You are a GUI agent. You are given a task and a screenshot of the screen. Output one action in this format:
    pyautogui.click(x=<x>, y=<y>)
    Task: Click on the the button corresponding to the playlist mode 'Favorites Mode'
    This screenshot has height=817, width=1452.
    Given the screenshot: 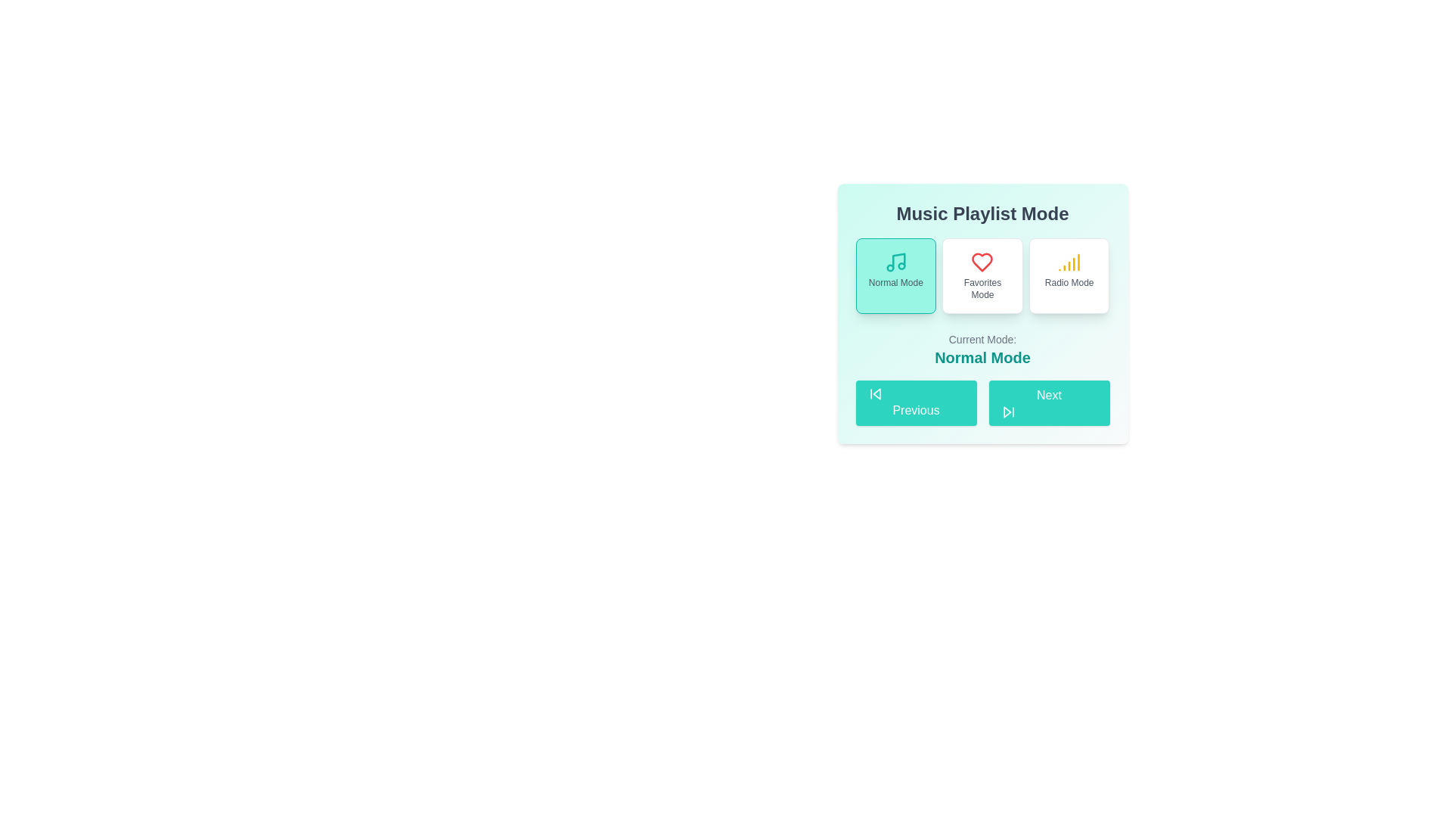 What is the action you would take?
    pyautogui.click(x=982, y=276)
    